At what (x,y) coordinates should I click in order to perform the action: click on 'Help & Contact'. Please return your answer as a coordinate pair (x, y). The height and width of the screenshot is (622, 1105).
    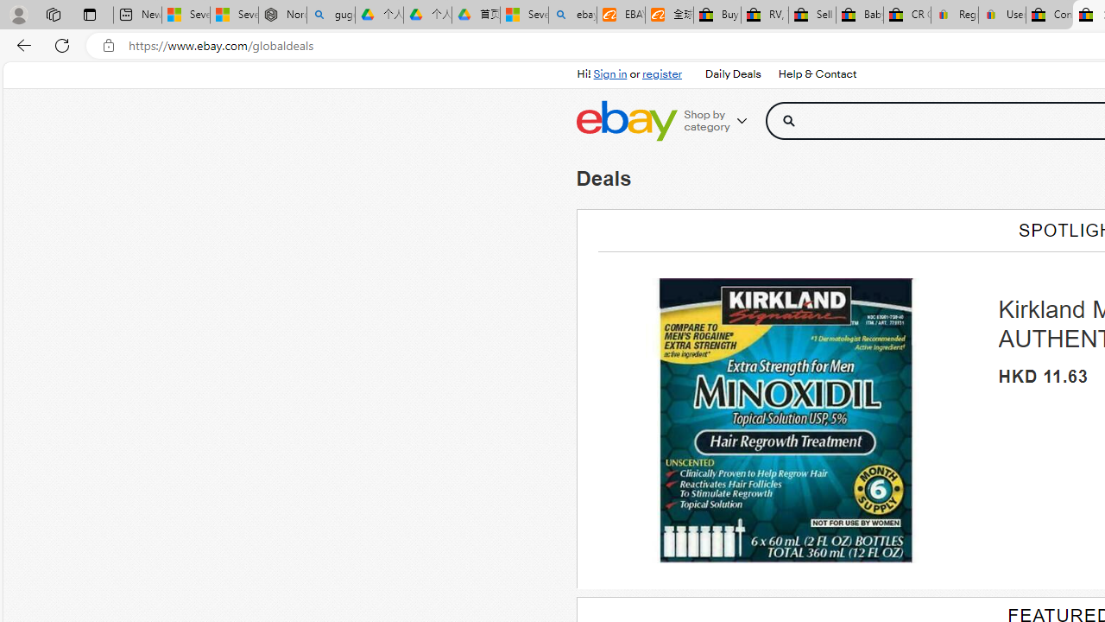
    Looking at the image, I should click on (815, 73).